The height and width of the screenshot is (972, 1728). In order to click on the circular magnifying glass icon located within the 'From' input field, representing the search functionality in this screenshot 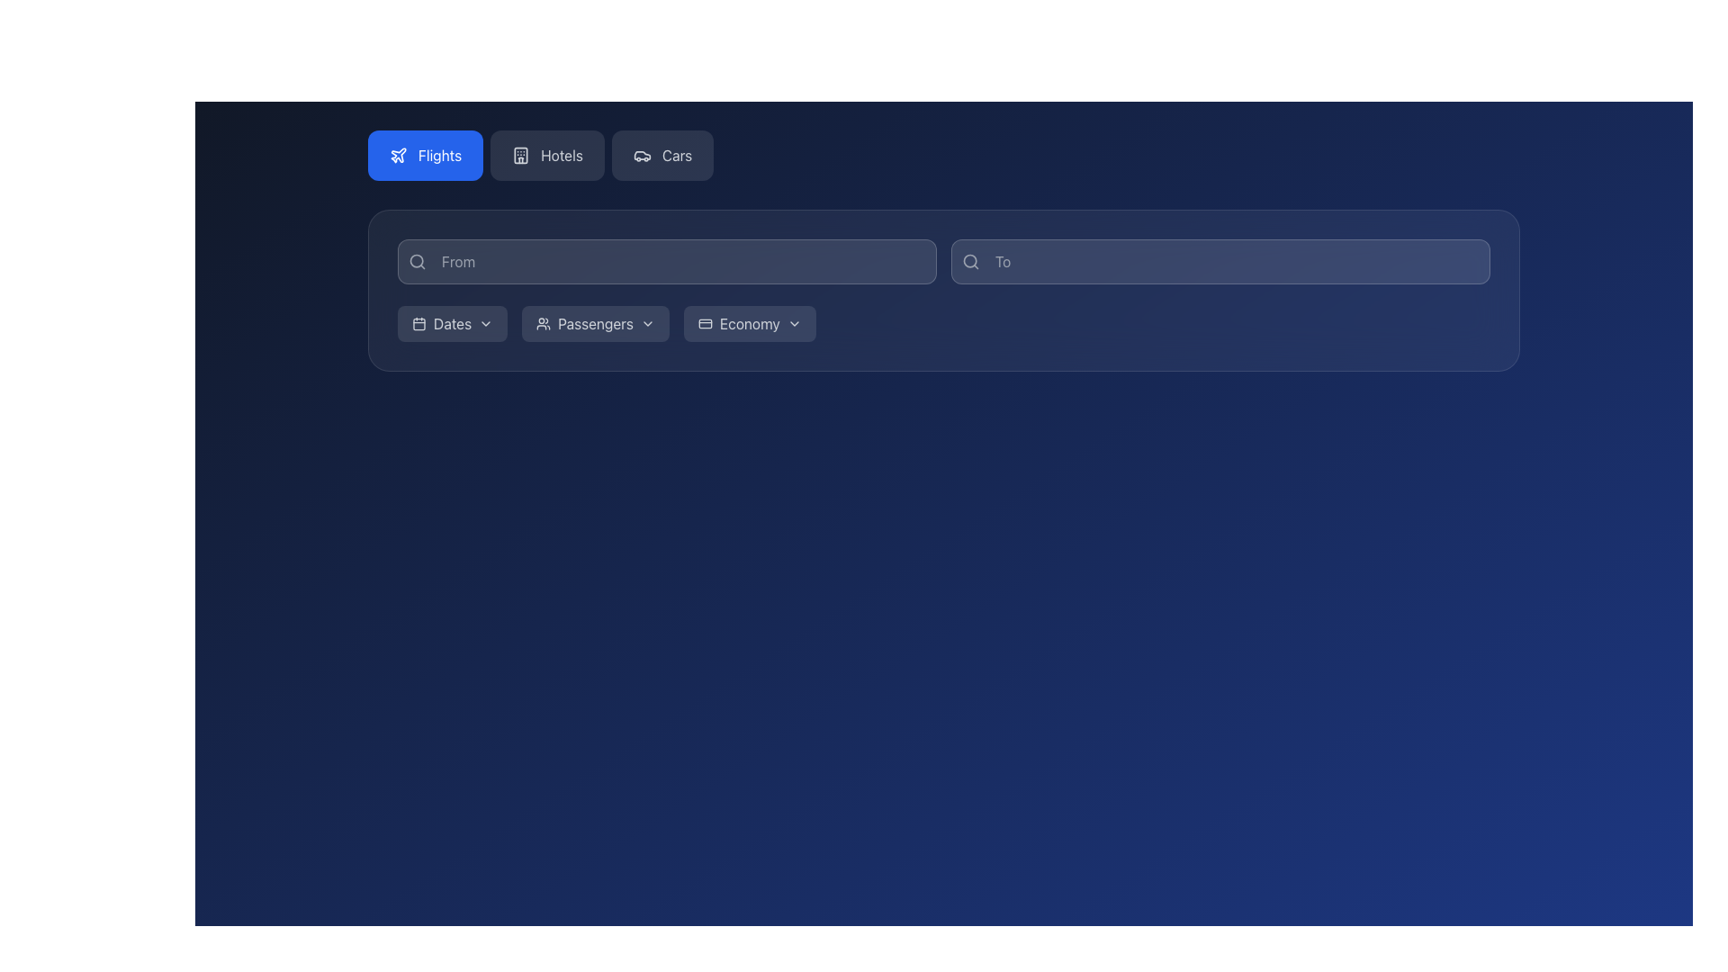, I will do `click(416, 261)`.